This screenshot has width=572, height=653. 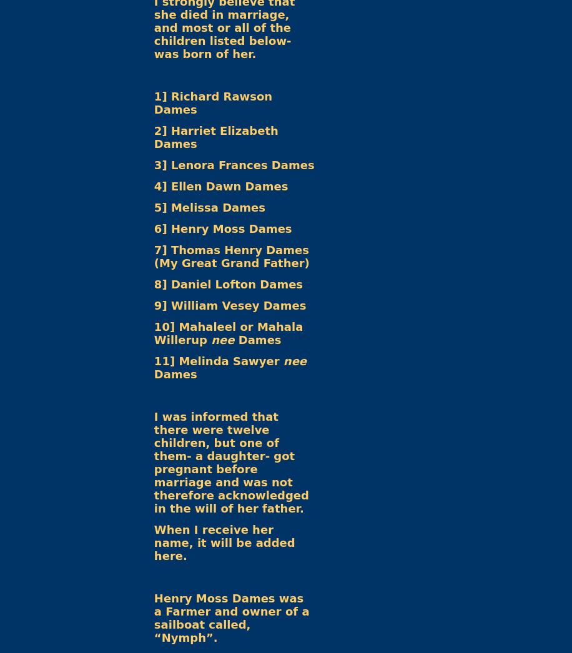 What do you see at coordinates (154, 102) in the screenshot?
I see `'1] Richard Rawson Dames'` at bounding box center [154, 102].